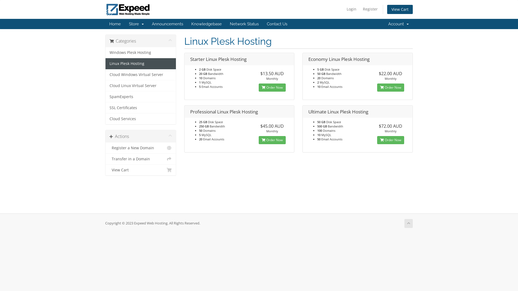 This screenshot has width=518, height=291. I want to click on 'Network Status', so click(226, 23).